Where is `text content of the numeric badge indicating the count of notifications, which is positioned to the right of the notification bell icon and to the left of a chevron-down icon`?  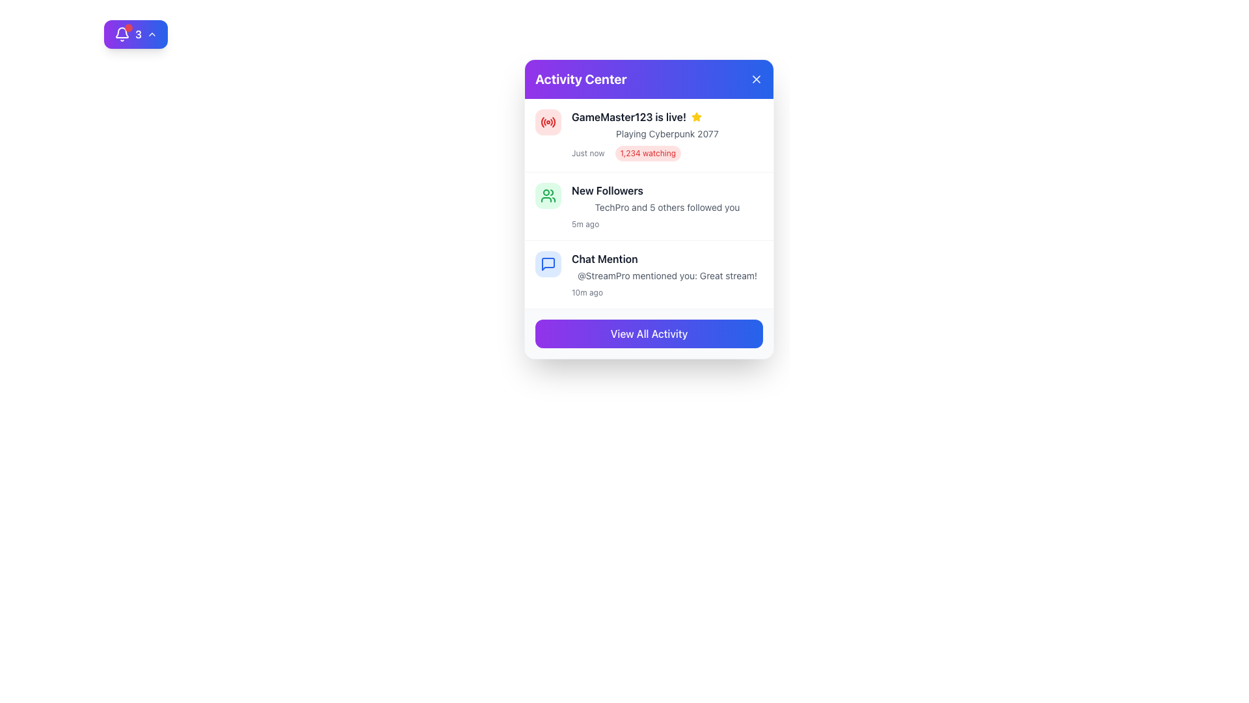 text content of the numeric badge indicating the count of notifications, which is positioned to the right of the notification bell icon and to the left of a chevron-down icon is located at coordinates (139, 34).